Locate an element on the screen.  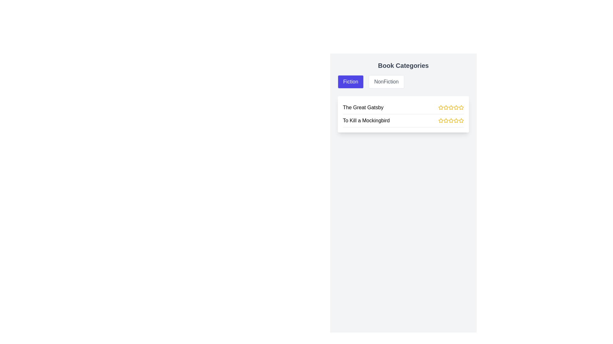
the fifth rating star in the rating system for 'The Great Gatsby' is located at coordinates (461, 107).